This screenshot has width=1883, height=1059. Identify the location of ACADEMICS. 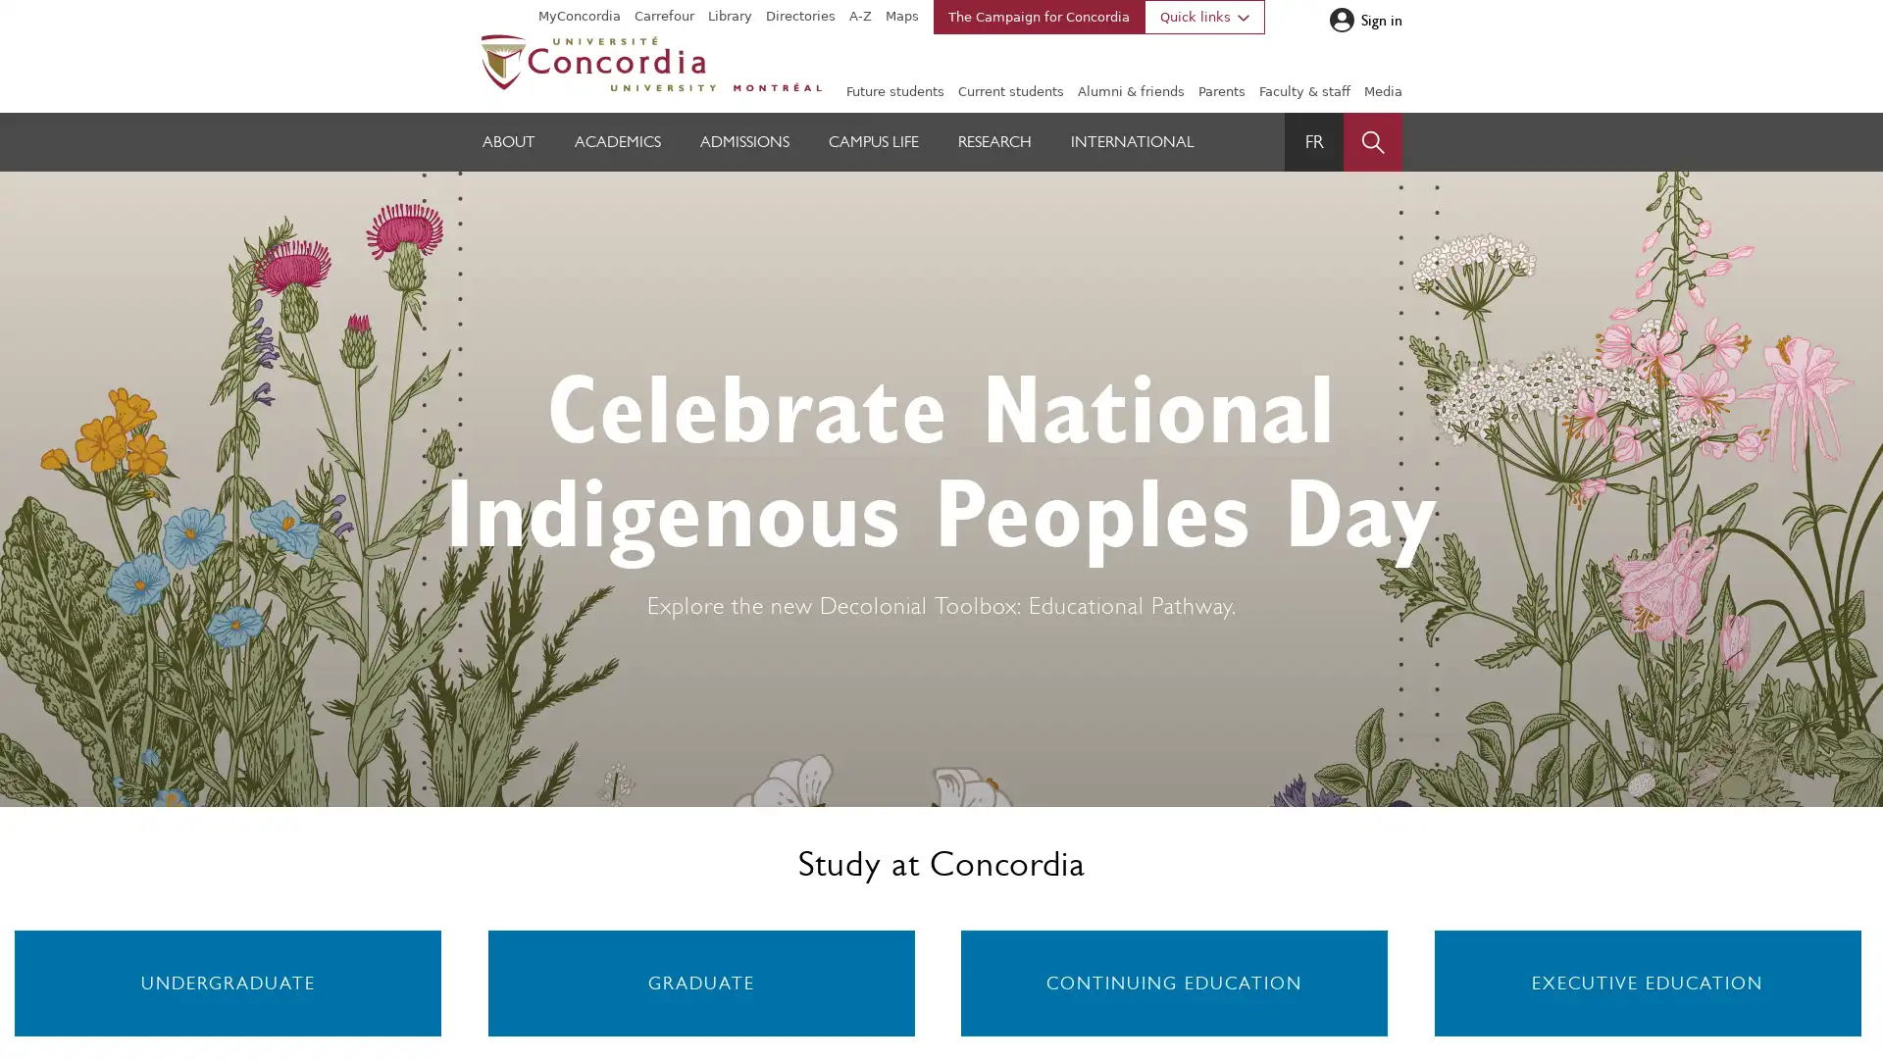
(616, 141).